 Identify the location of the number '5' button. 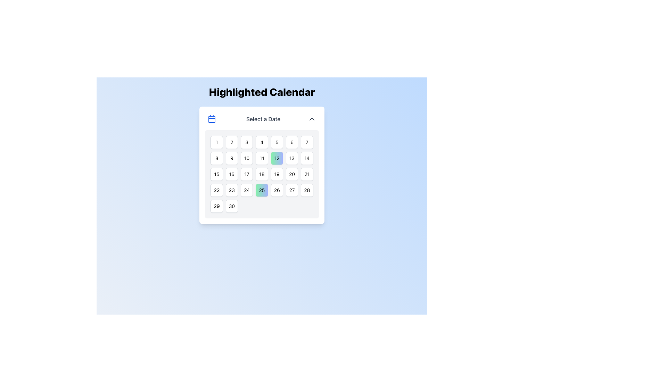
(277, 142).